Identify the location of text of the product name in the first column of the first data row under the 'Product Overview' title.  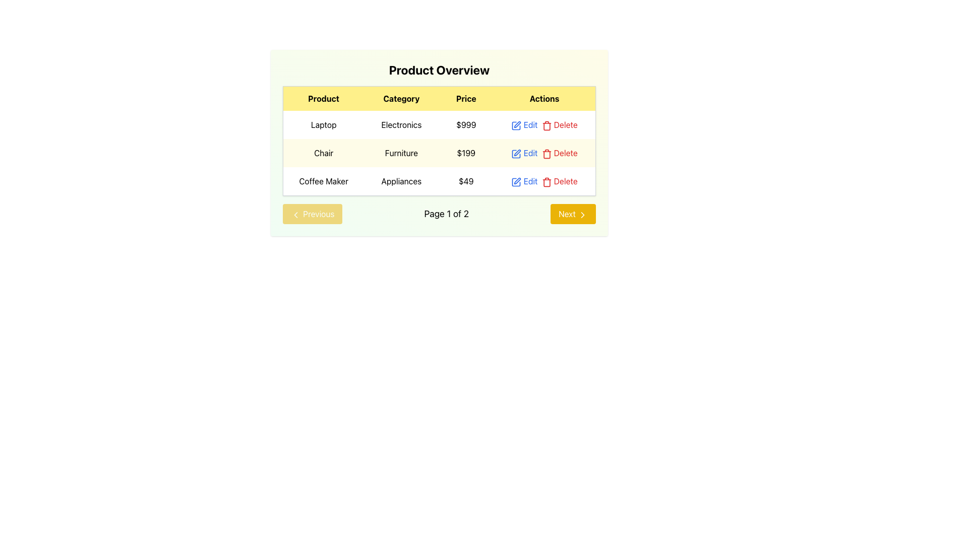
(323, 124).